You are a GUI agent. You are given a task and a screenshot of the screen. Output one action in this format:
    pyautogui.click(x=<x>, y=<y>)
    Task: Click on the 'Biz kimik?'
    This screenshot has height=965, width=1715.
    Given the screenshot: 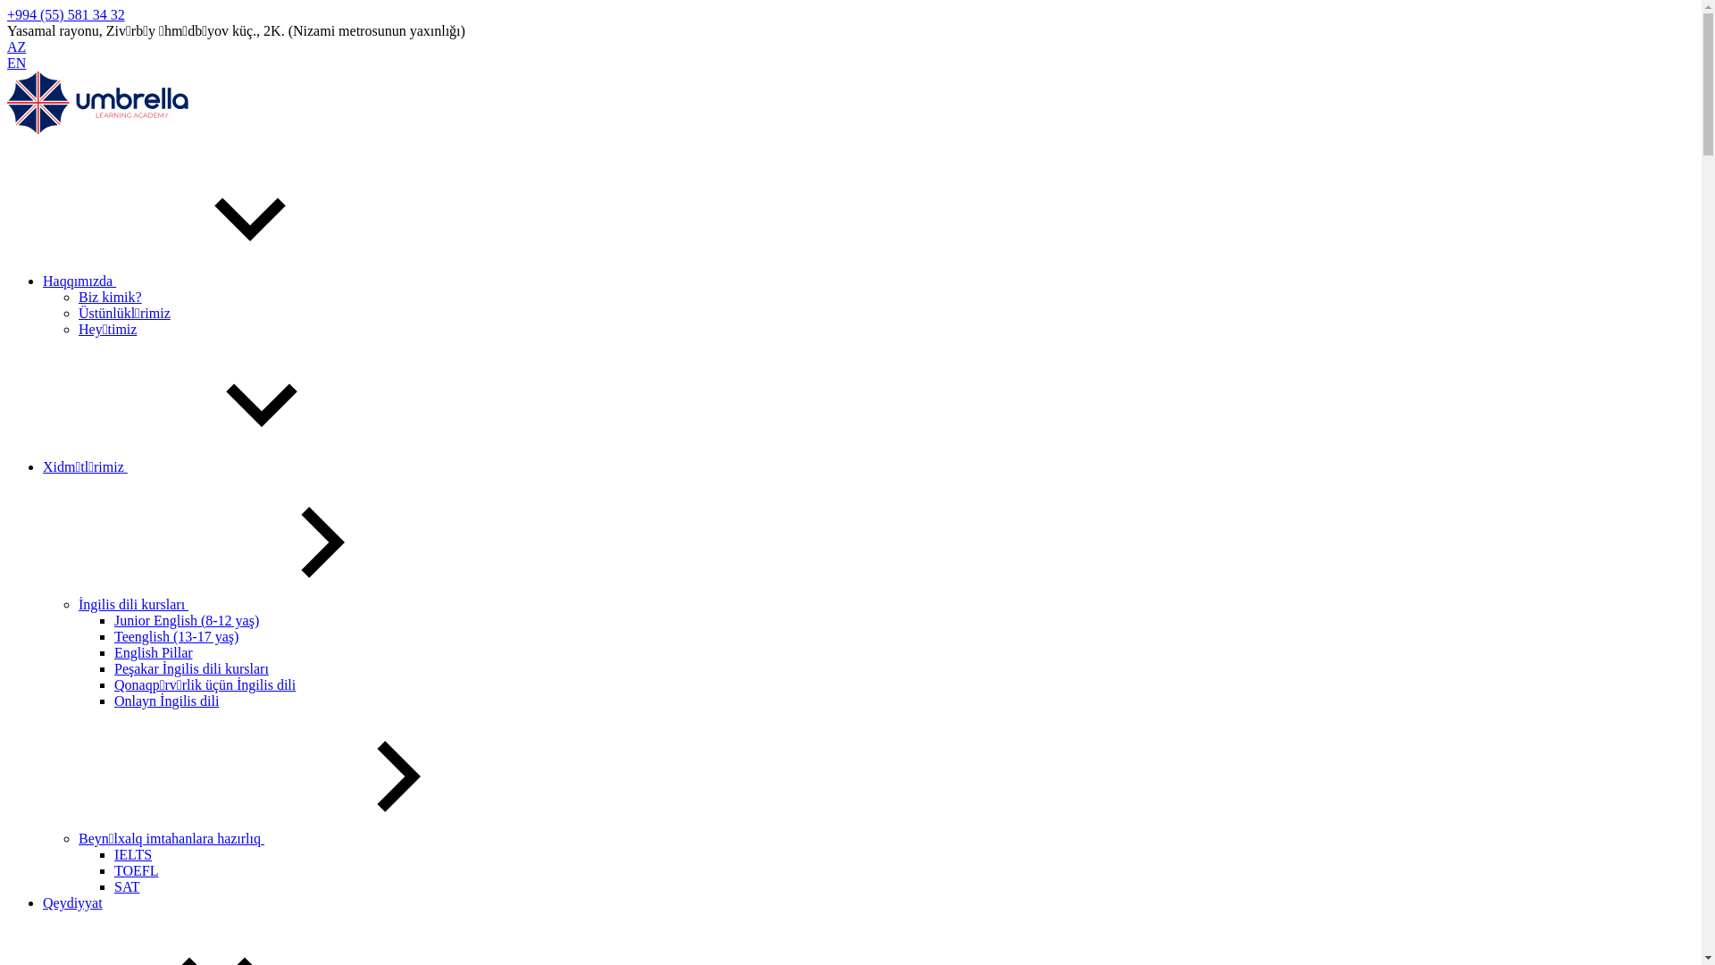 What is the action you would take?
    pyautogui.click(x=109, y=296)
    